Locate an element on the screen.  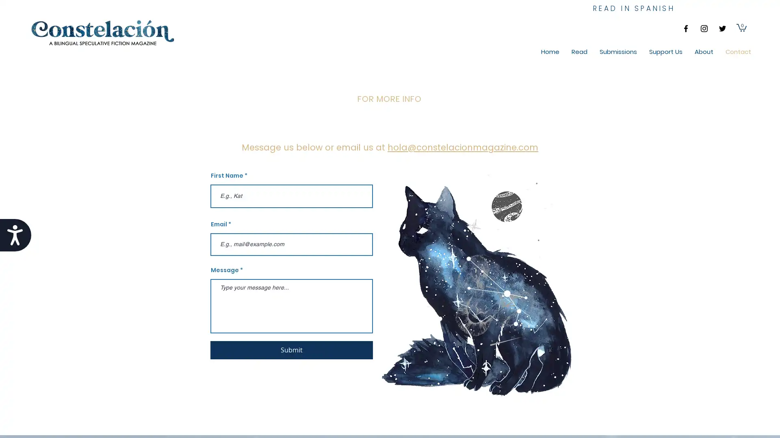
Close is located at coordinates (770, 423).